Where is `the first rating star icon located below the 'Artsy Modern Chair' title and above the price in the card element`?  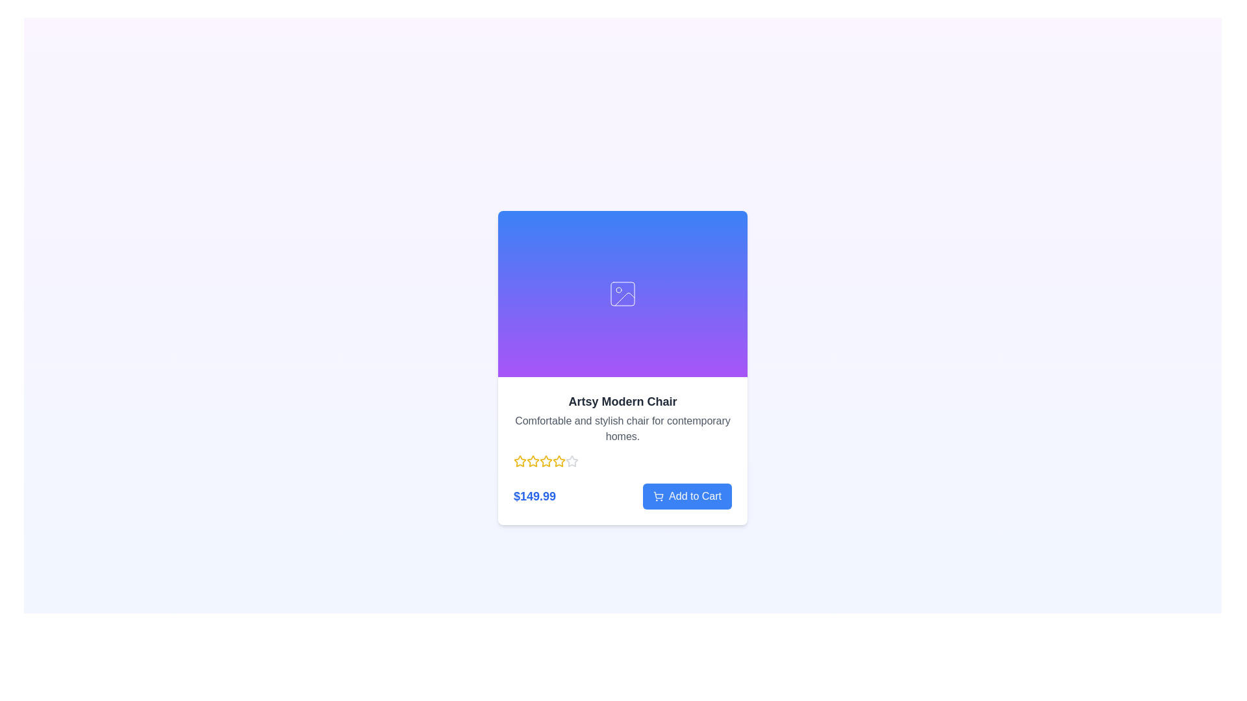
the first rating star icon located below the 'Artsy Modern Chair' title and above the price in the card element is located at coordinates (520, 460).